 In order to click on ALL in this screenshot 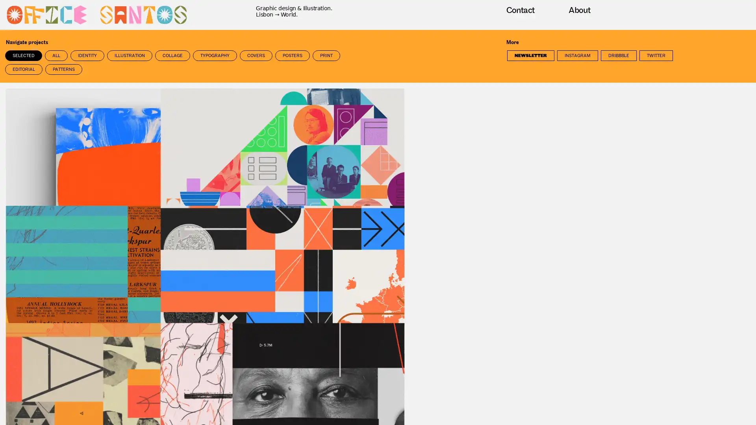, I will do `click(56, 55)`.